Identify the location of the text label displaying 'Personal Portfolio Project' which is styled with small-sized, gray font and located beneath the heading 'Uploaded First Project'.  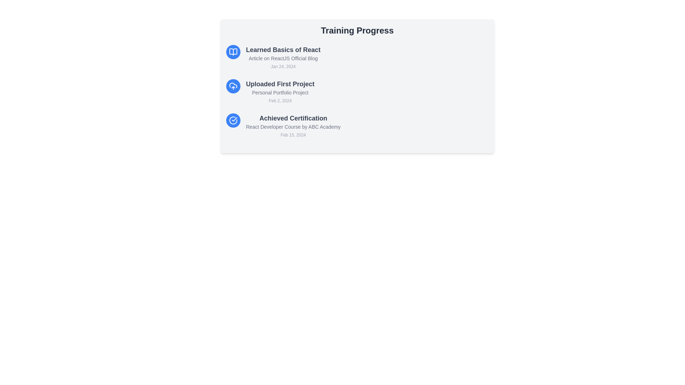
(280, 92).